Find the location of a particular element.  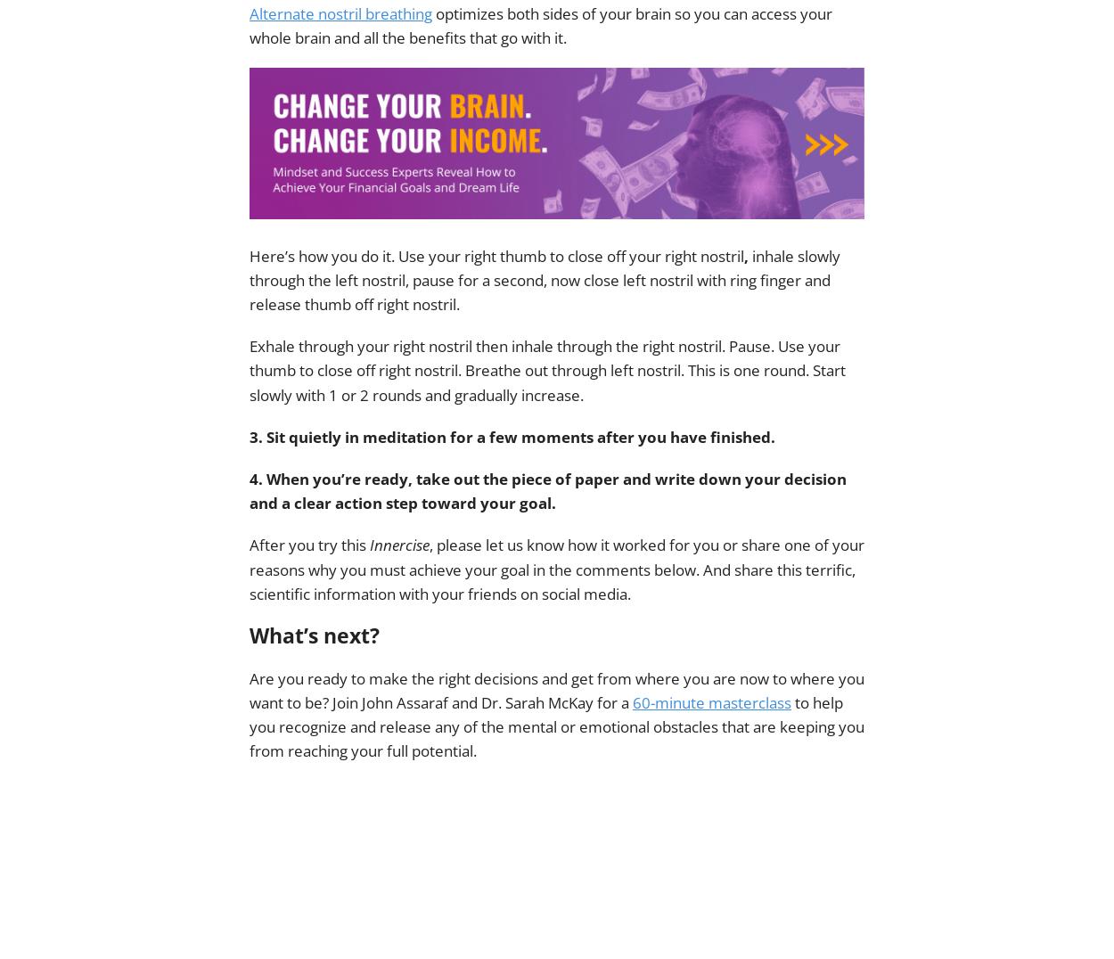

'Alternate nostril breathing' is located at coordinates (340, 12).